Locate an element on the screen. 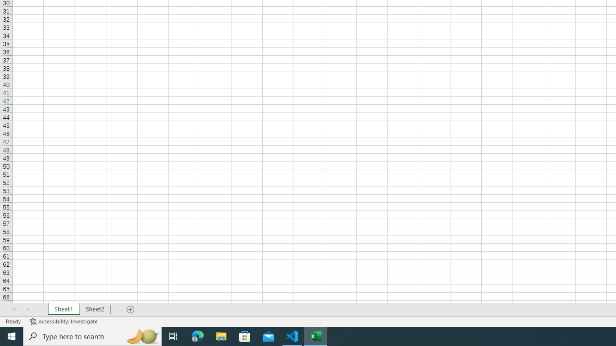 This screenshot has height=346, width=616. 'Sheet2' is located at coordinates (95, 309).